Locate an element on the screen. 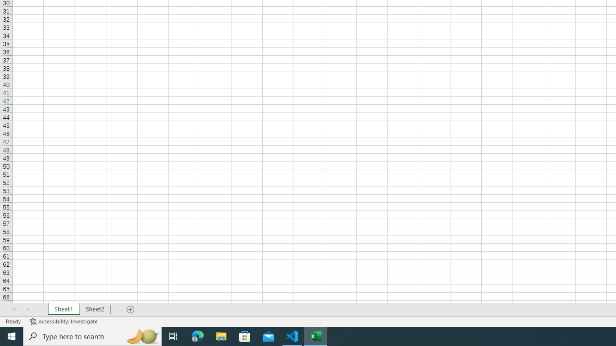 This screenshot has height=346, width=616. 'Sheet2' is located at coordinates (95, 309).